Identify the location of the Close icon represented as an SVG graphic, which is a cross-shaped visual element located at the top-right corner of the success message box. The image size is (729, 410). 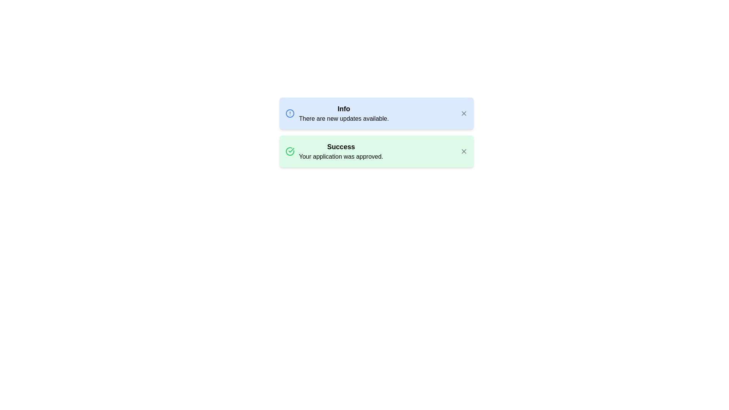
(463, 151).